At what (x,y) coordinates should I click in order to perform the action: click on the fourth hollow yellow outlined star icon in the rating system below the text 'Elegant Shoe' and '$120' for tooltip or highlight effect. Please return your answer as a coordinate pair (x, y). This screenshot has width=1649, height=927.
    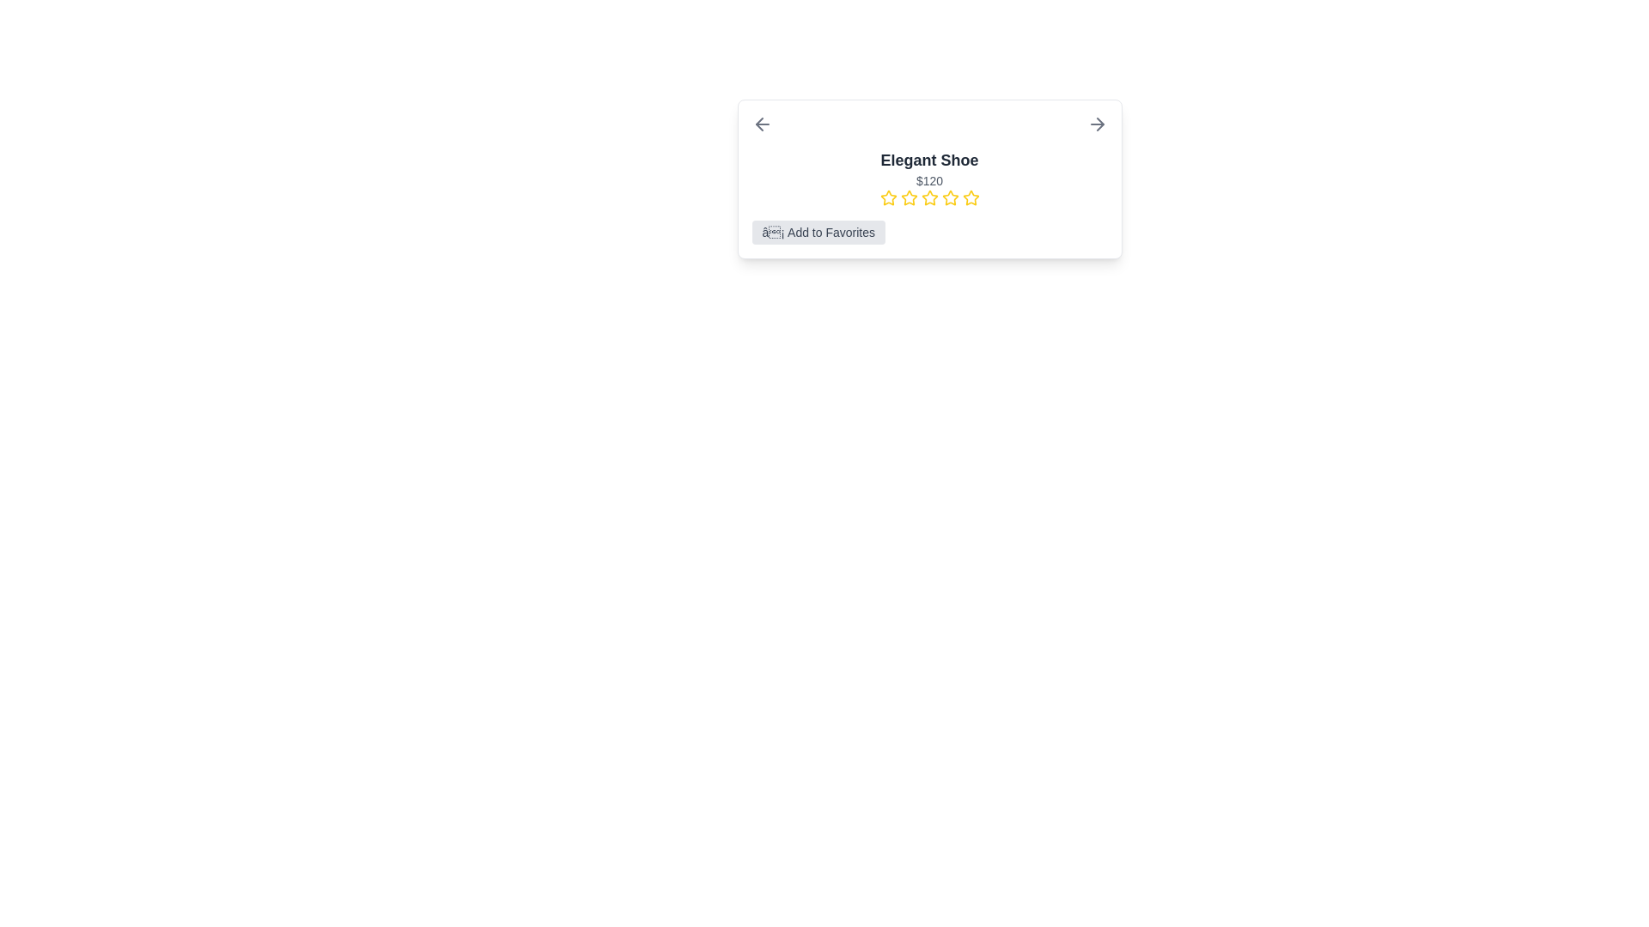
    Looking at the image, I should click on (928, 197).